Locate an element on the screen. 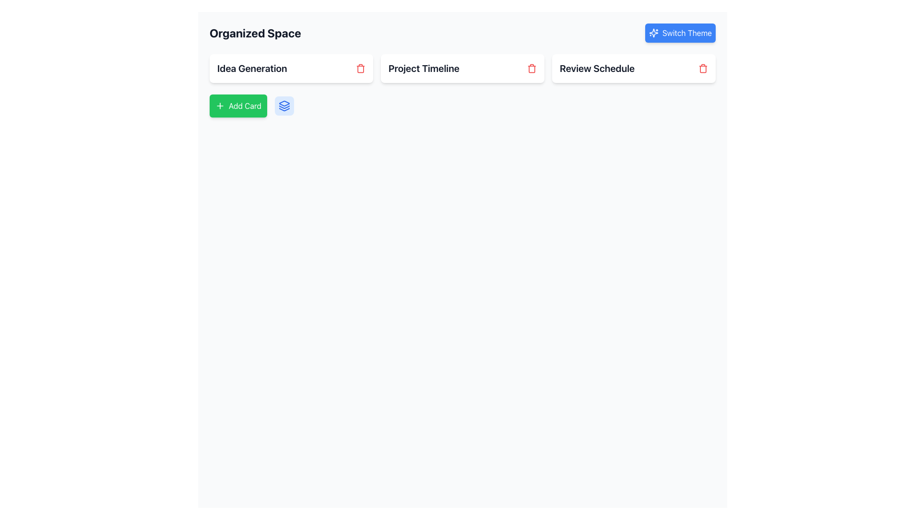 The height and width of the screenshot is (518, 921). the layered blue icon representing layers, positioned to the right of the green 'Add Card' button in the 'Organized Space' section is located at coordinates (283, 106).